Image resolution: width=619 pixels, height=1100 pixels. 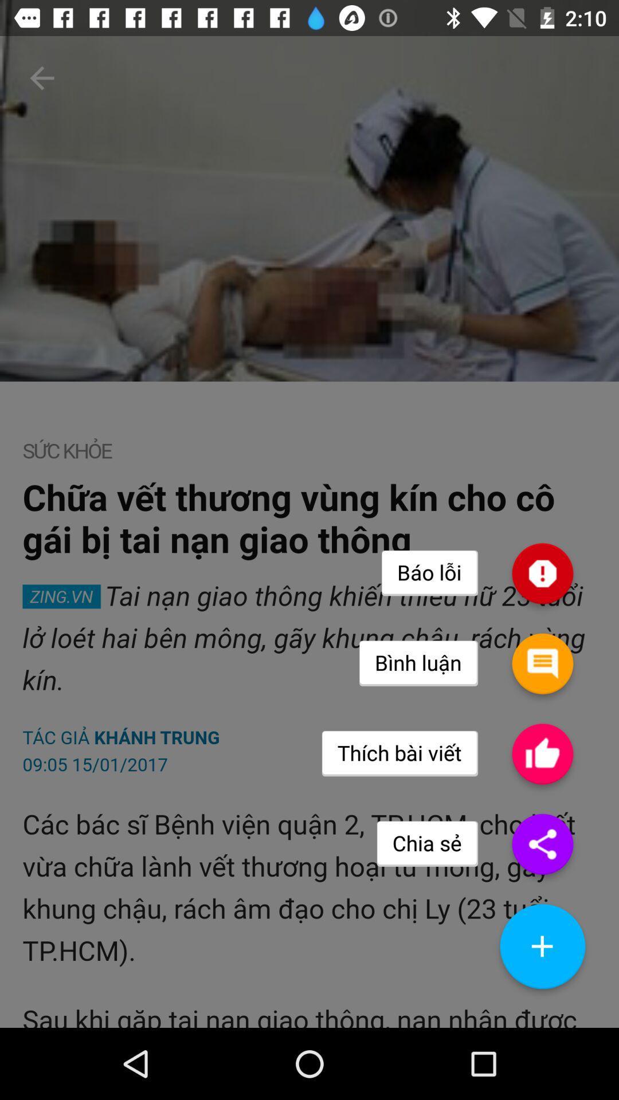 I want to click on the share icon, so click(x=542, y=907).